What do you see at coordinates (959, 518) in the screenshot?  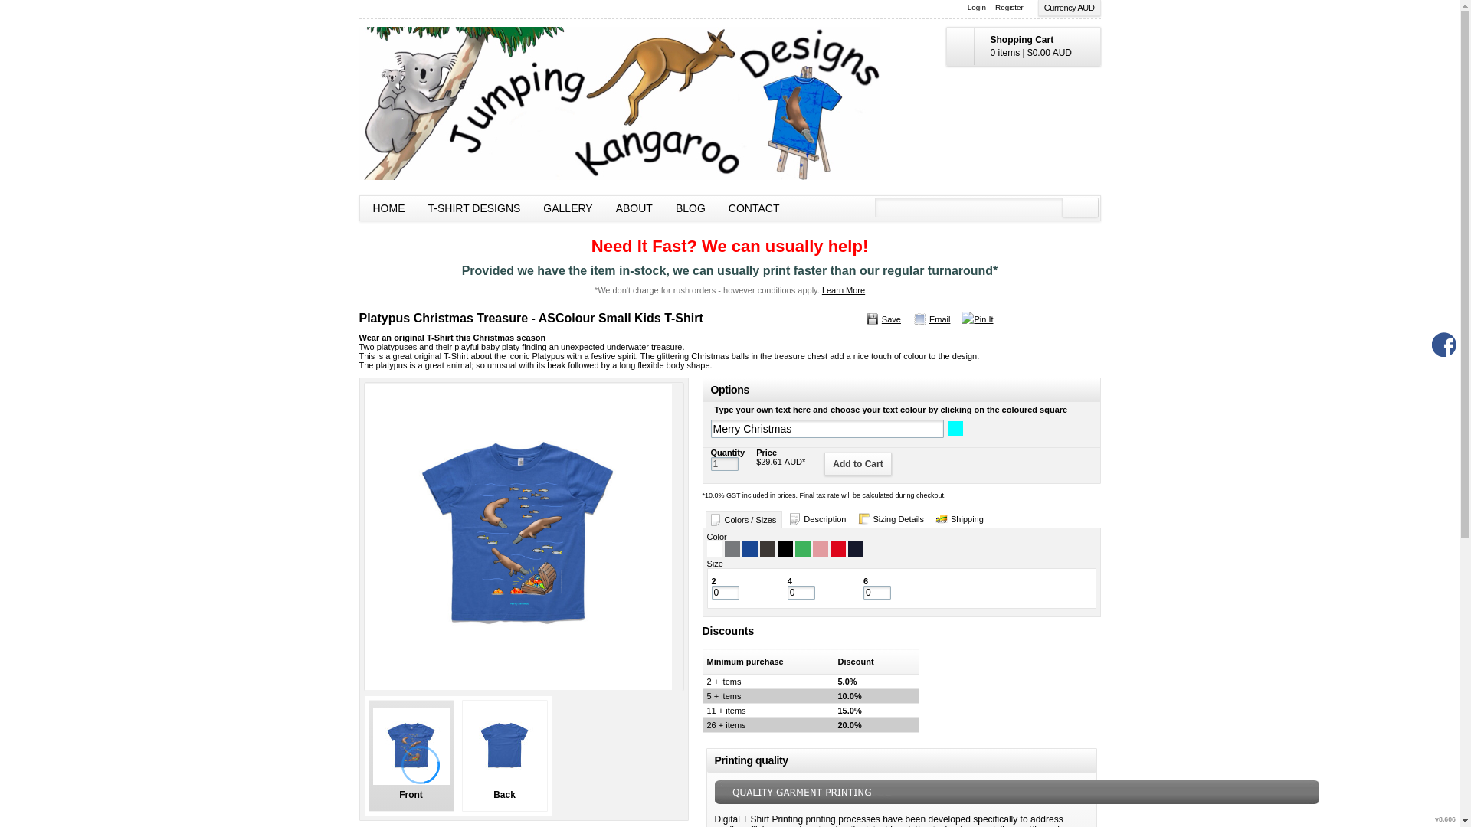 I see `'Shipping'` at bounding box center [959, 518].